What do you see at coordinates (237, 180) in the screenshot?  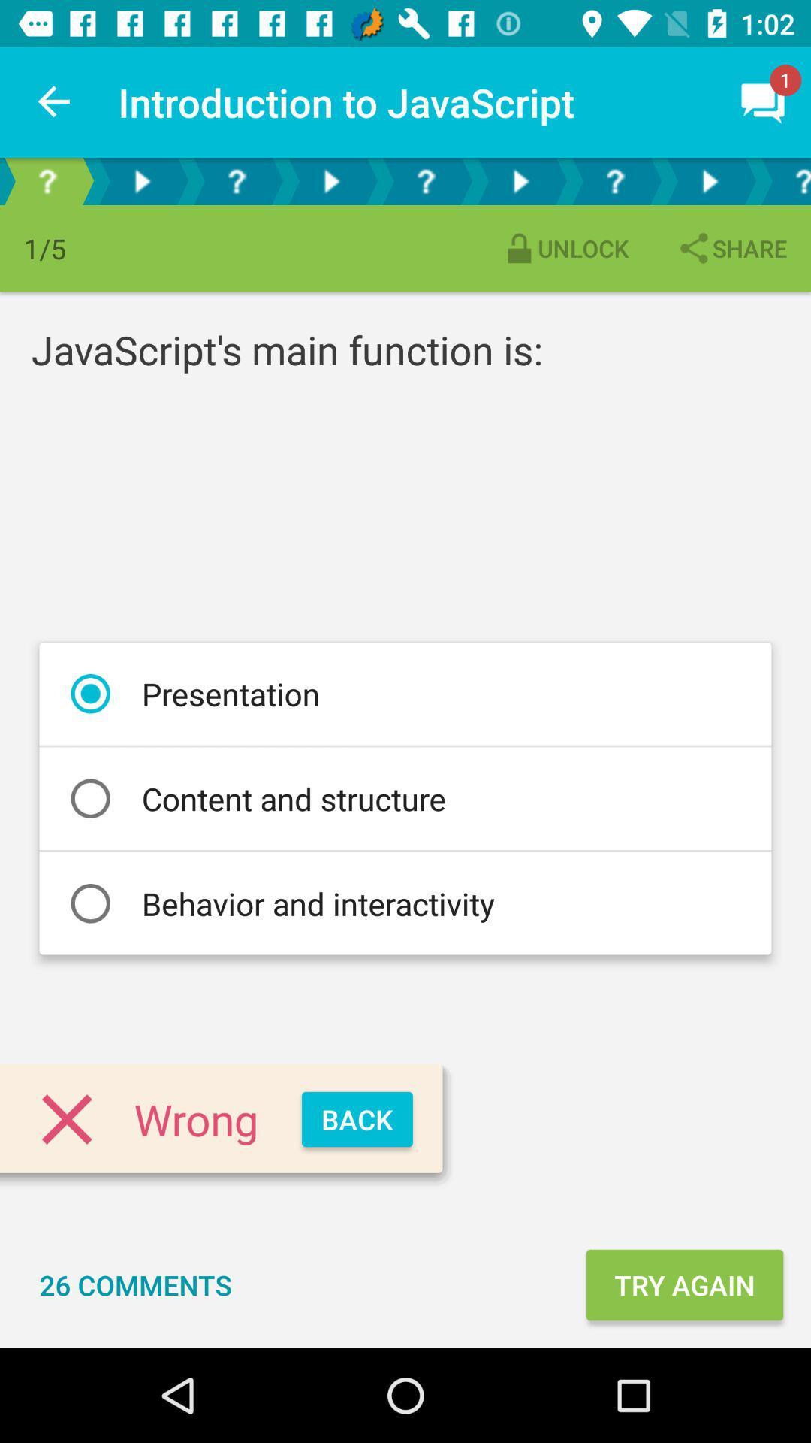 I see `the help icon` at bounding box center [237, 180].